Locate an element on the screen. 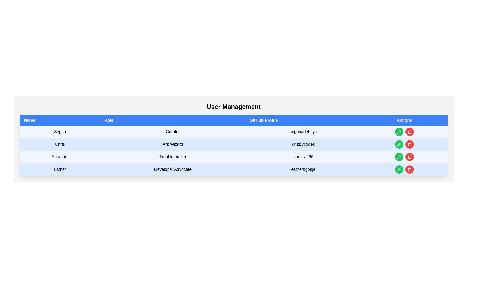  the red trash button in the 'Actions' column is located at coordinates (409, 132).